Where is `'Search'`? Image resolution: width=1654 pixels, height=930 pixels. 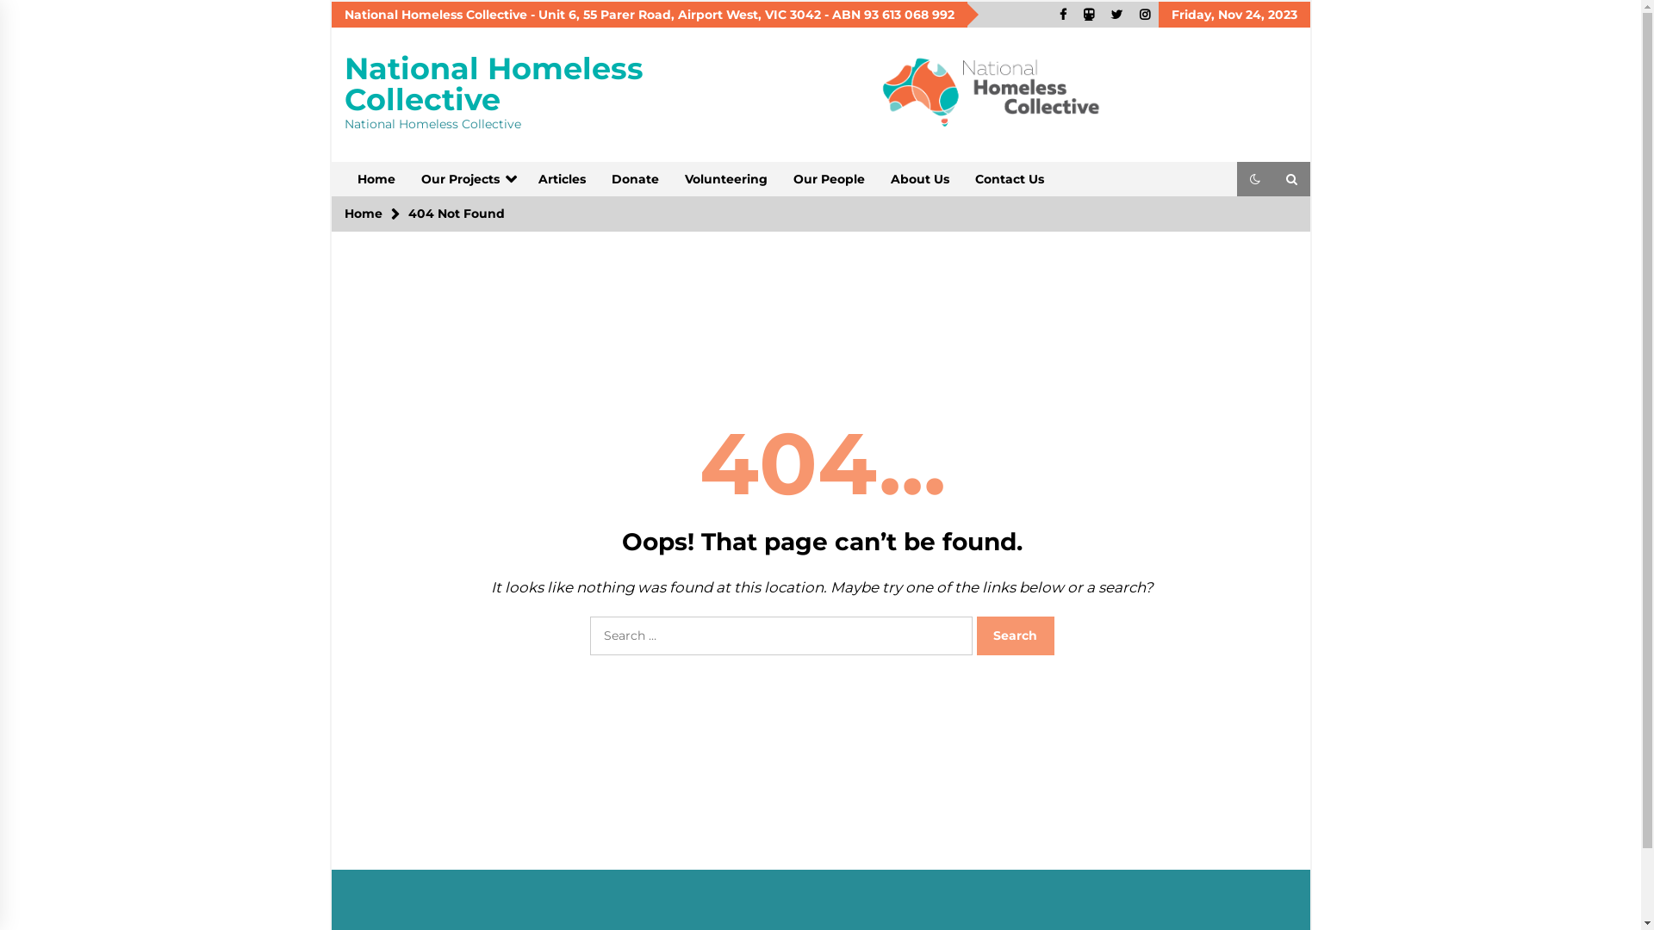
'Search' is located at coordinates (1016, 635).